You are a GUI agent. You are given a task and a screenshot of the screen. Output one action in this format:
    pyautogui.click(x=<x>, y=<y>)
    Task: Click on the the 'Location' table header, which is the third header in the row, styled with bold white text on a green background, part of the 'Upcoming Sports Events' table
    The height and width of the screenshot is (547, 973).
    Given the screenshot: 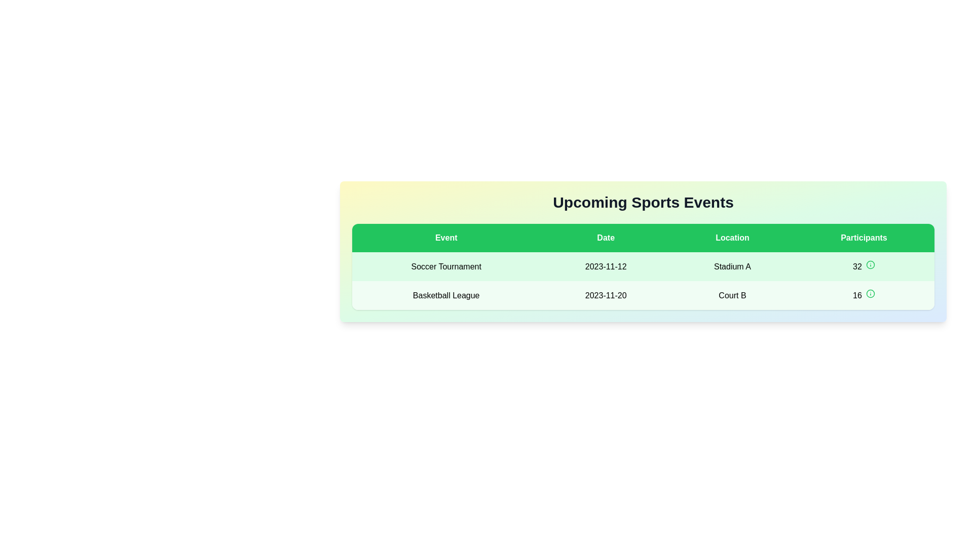 What is the action you would take?
    pyautogui.click(x=732, y=238)
    